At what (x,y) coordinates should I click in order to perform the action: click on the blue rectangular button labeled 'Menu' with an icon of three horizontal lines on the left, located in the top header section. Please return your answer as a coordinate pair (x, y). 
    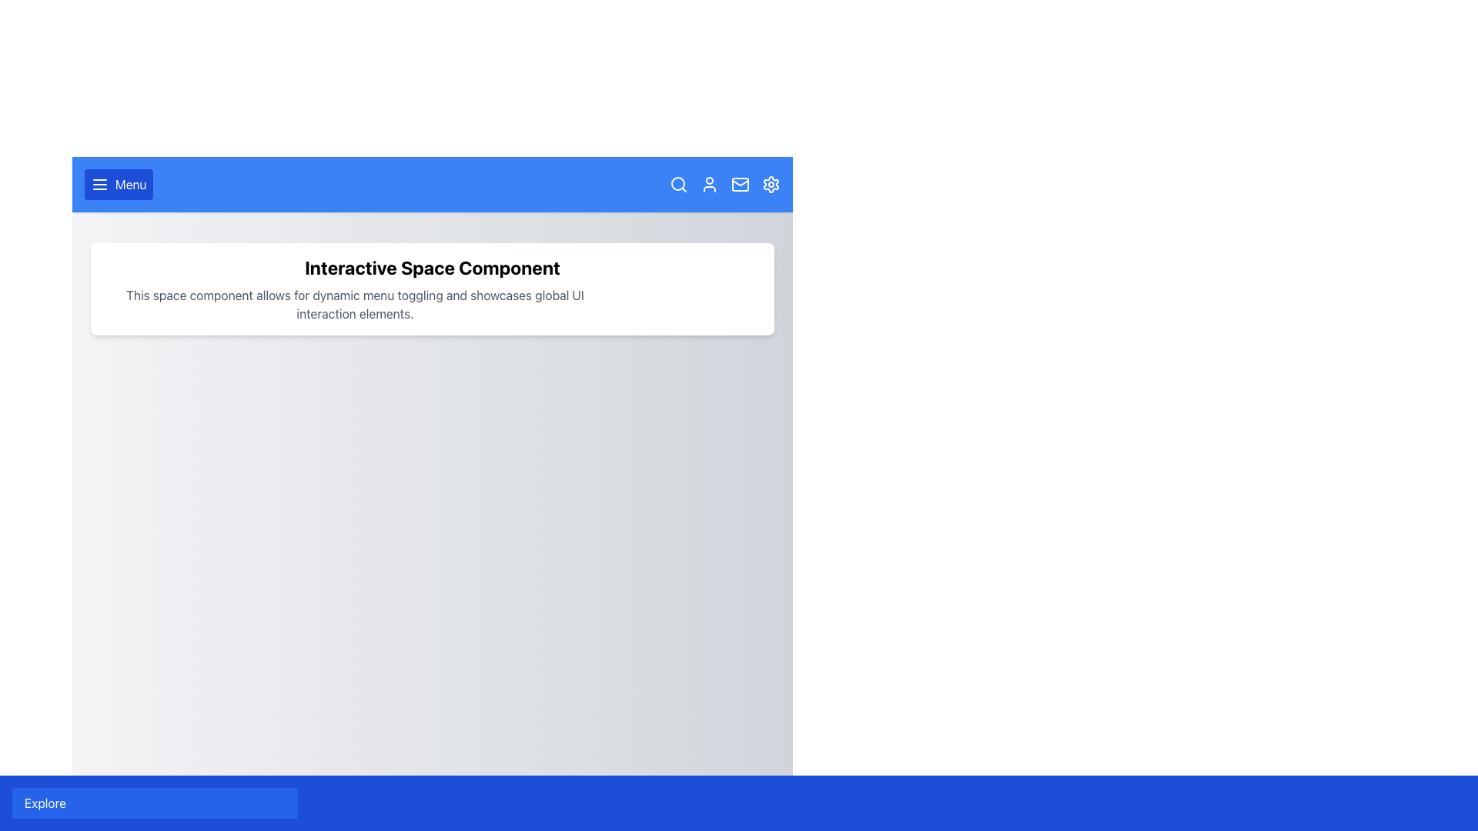
    Looking at the image, I should click on (118, 183).